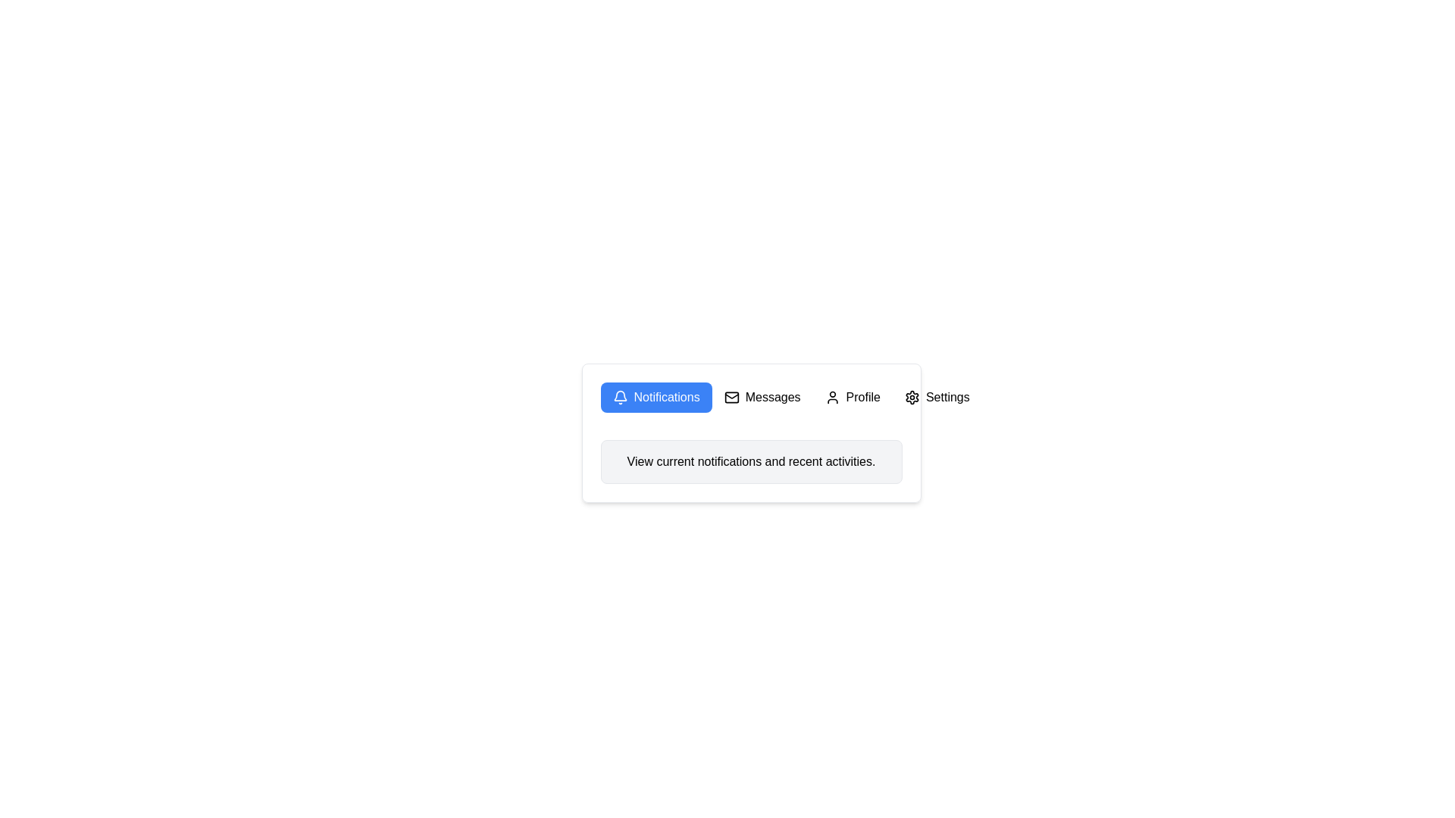 This screenshot has width=1455, height=818. Describe the element at coordinates (667, 396) in the screenshot. I see `the 'Notifications' text label in the navigation bar` at that location.